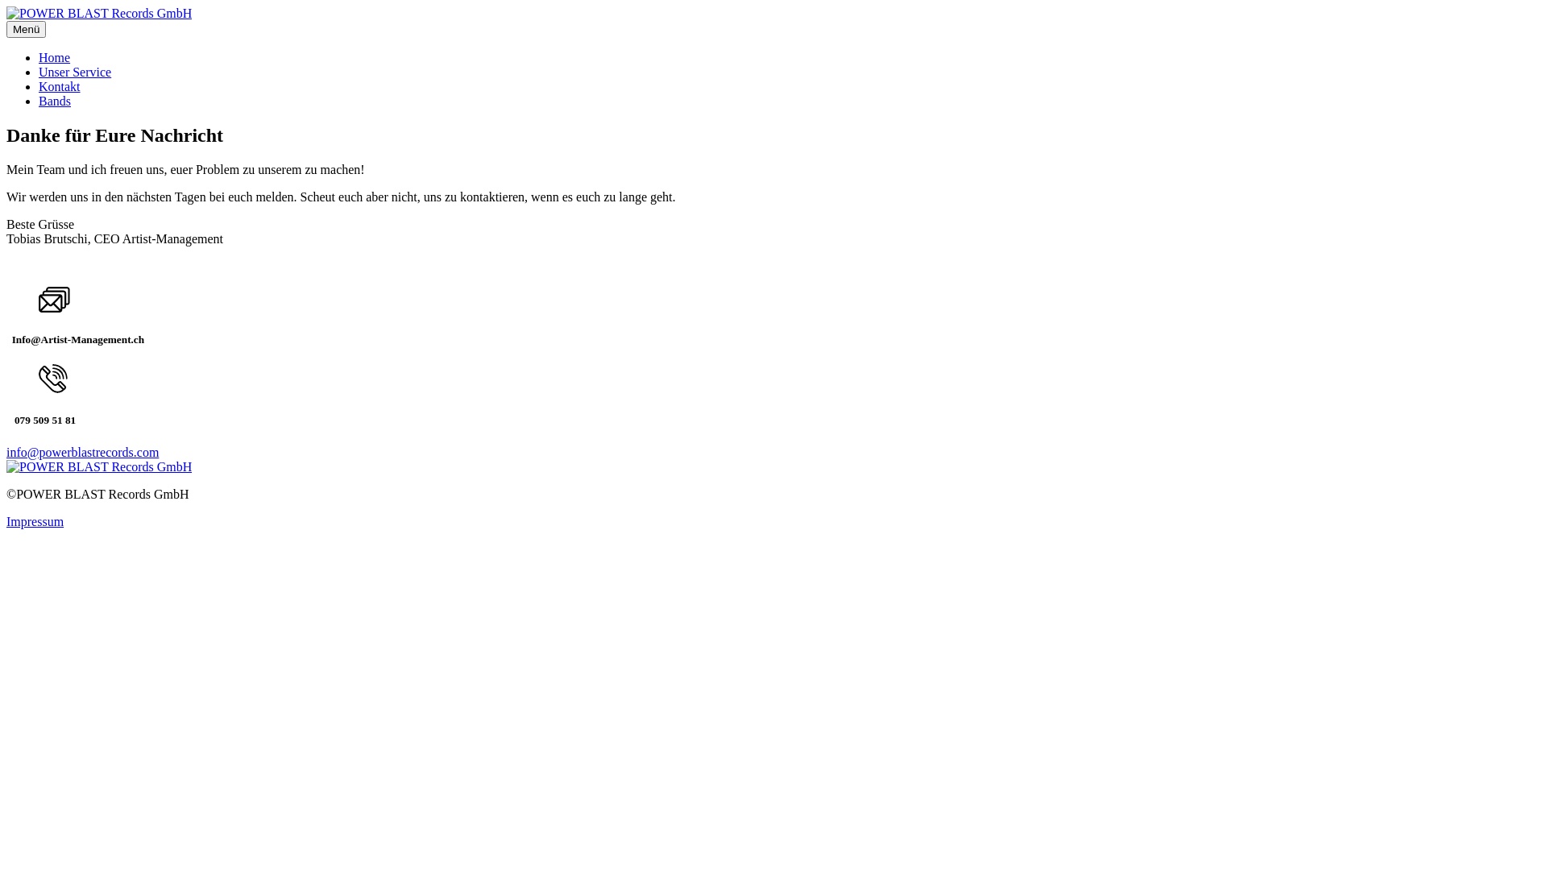  What do you see at coordinates (39, 71) in the screenshot?
I see `'Unser Service'` at bounding box center [39, 71].